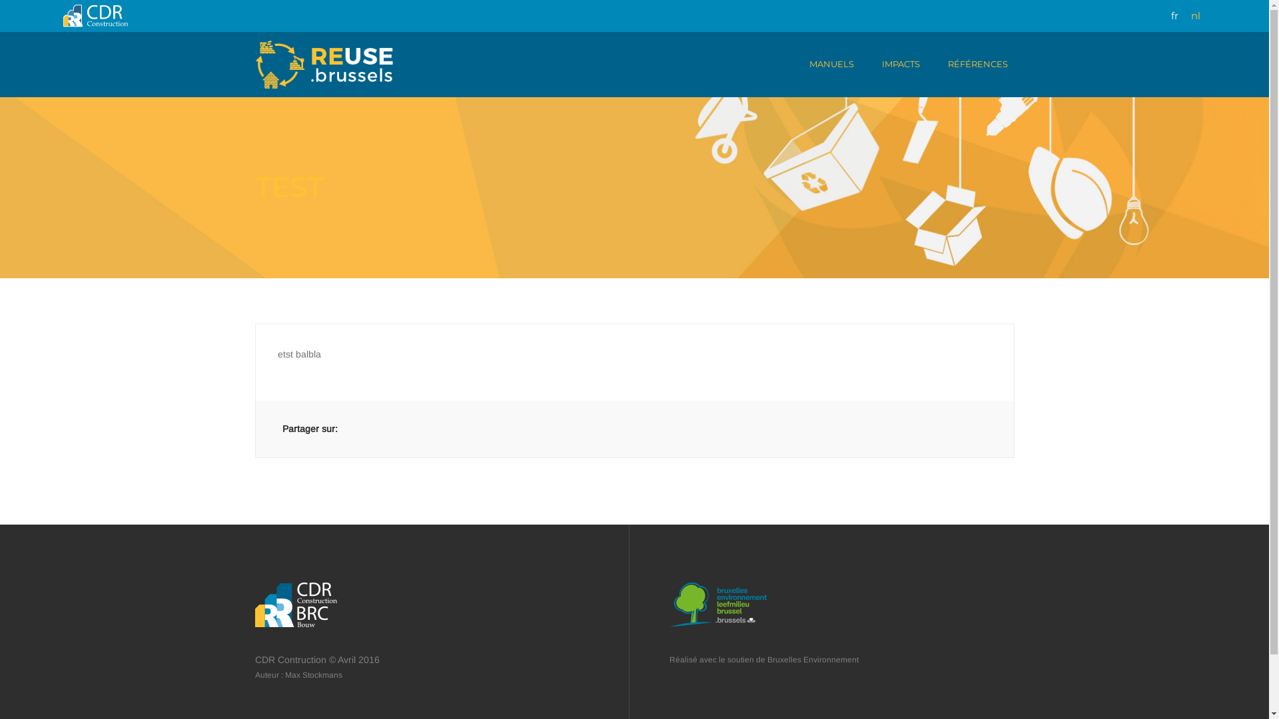 The image size is (1279, 719). I want to click on 'fr', so click(1170, 15).